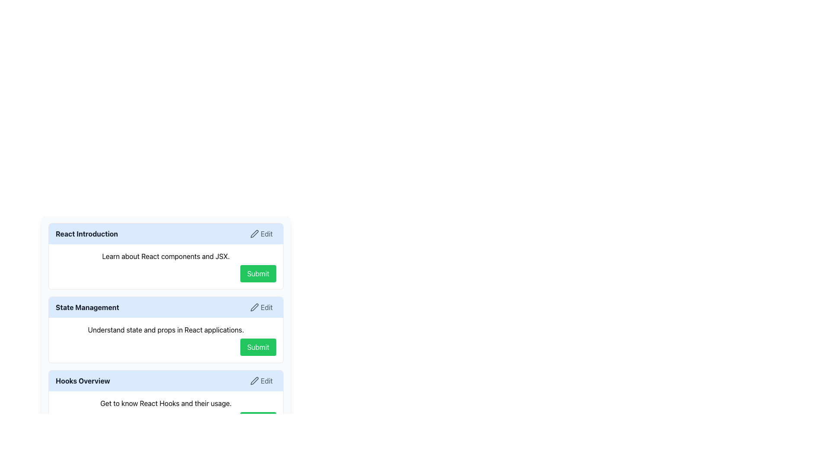 The width and height of the screenshot is (830, 467). I want to click on the edit button located in the top-right corner of the 'State Management' section, so click(261, 307).